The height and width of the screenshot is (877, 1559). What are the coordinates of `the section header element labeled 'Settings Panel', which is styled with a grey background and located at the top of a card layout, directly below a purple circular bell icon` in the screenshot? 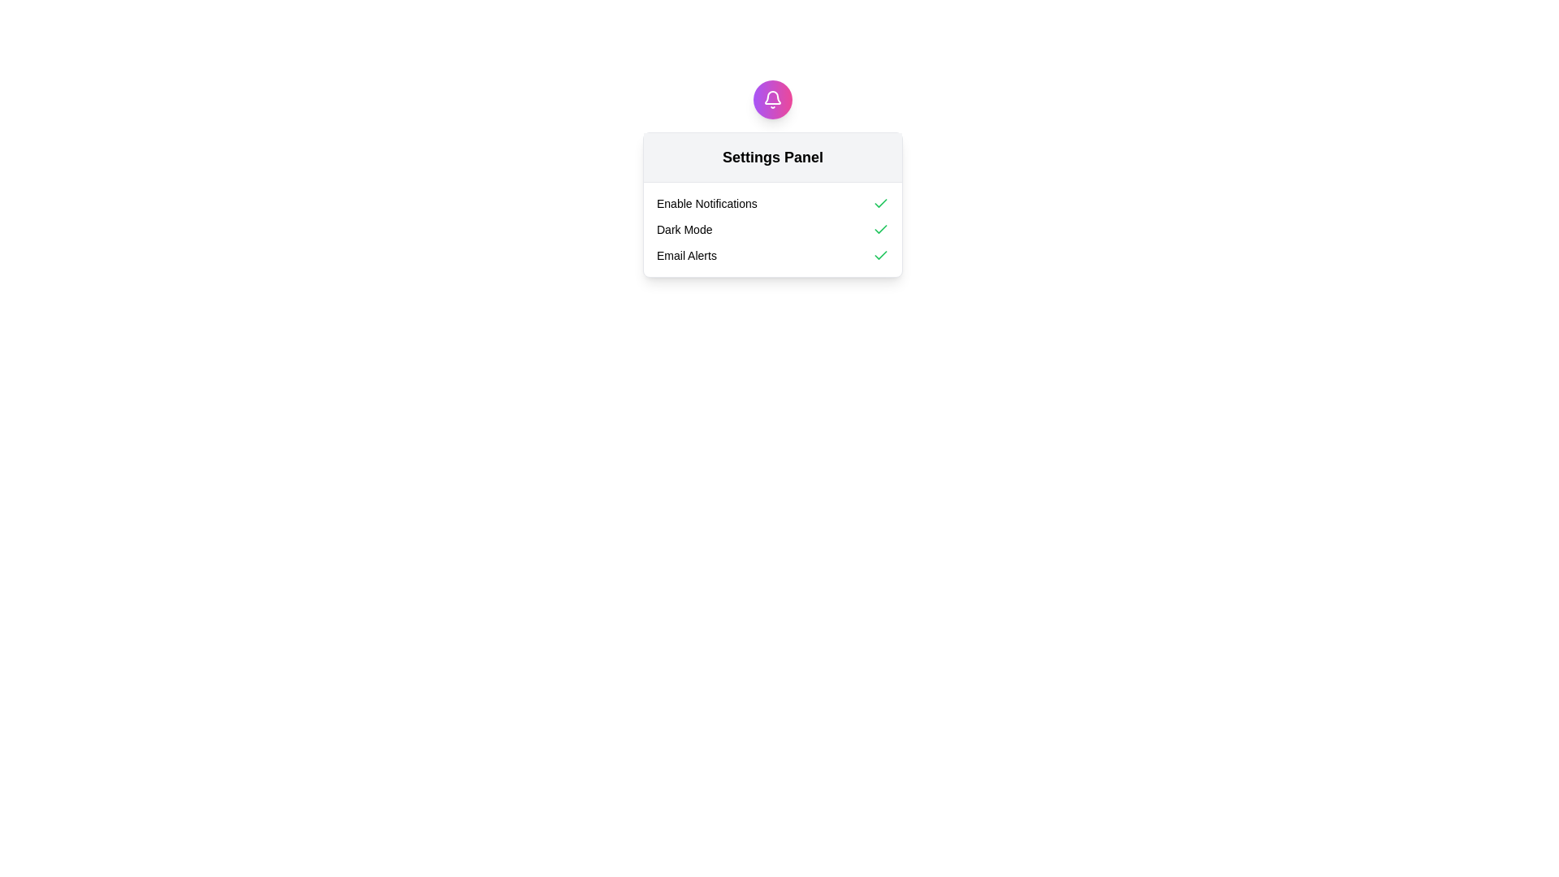 It's located at (771, 158).